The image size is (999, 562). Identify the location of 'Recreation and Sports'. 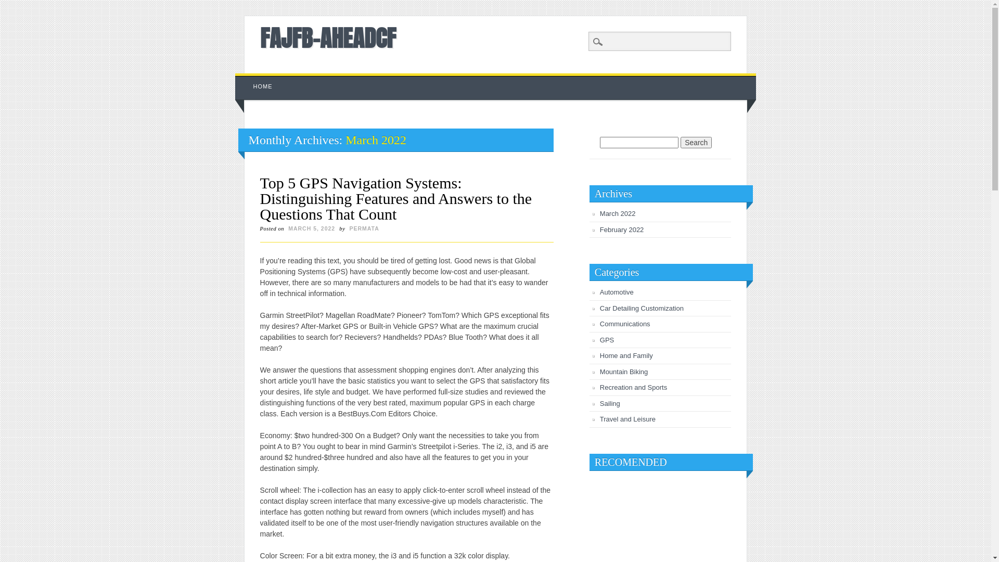
(633, 387).